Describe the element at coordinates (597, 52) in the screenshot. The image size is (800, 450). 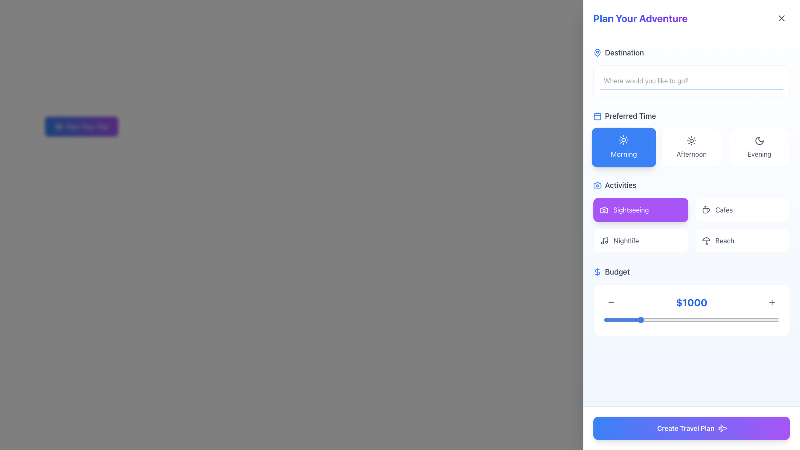
I see `the decorative 'Destination' icon located near the top of the right-side panel under the 'Plan Your Adventure' header, beside the 'Destination' label and input field` at that location.